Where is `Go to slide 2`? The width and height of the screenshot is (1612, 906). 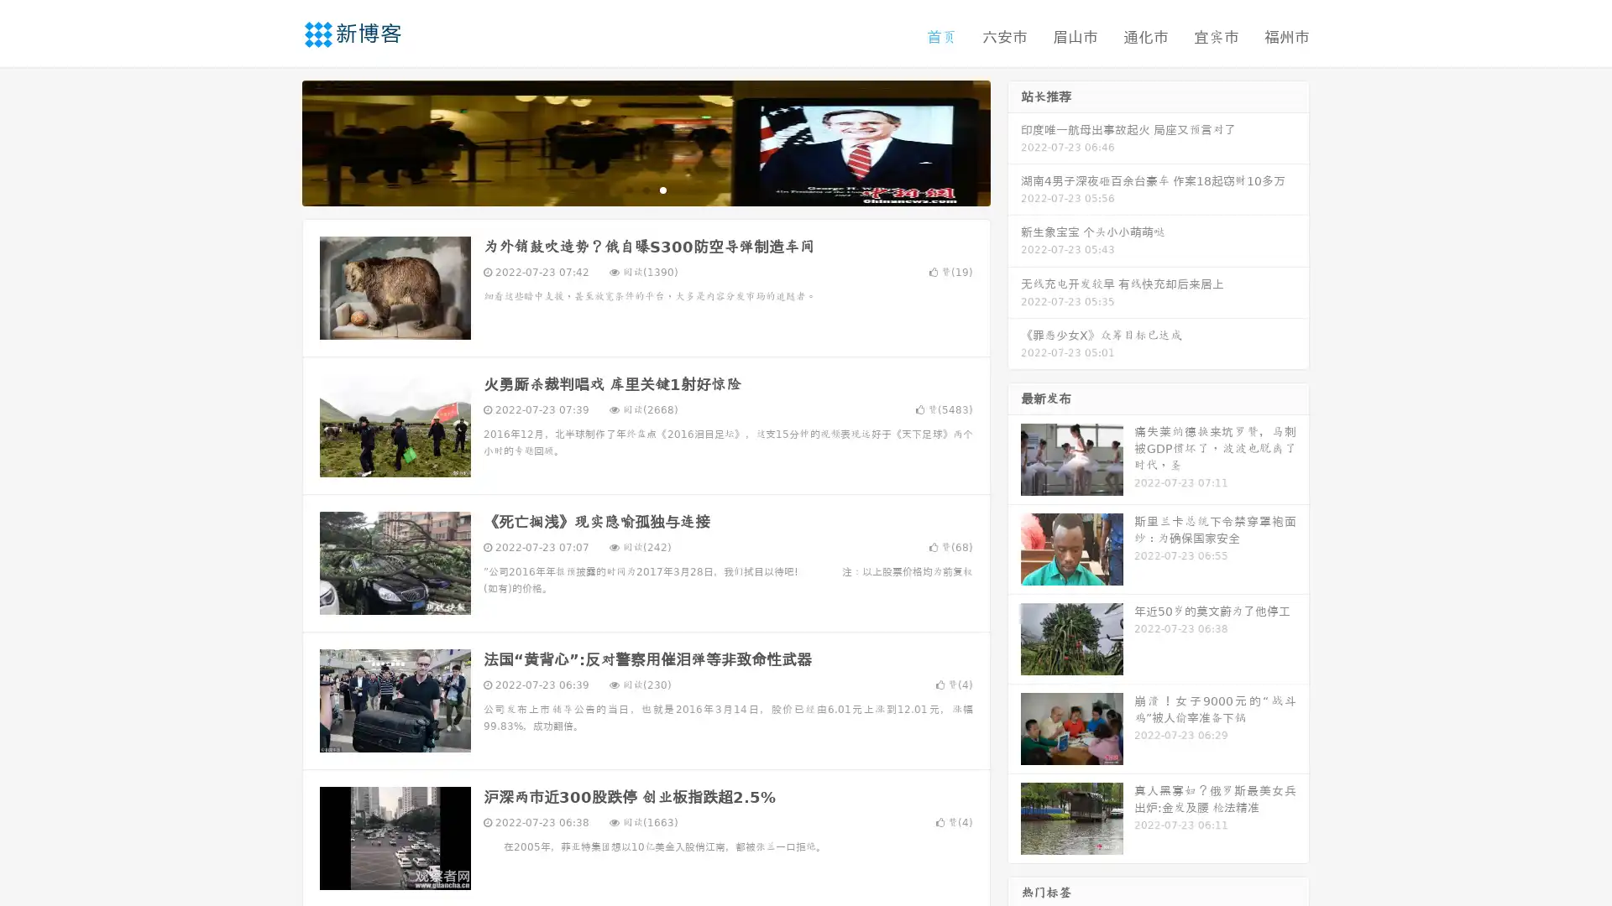
Go to slide 2 is located at coordinates (645, 189).